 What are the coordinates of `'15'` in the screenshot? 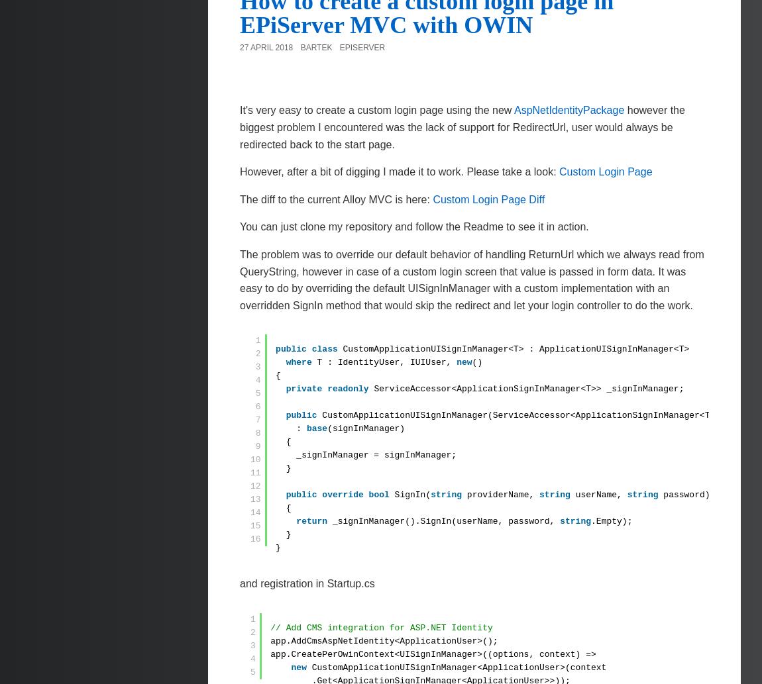 It's located at (255, 526).